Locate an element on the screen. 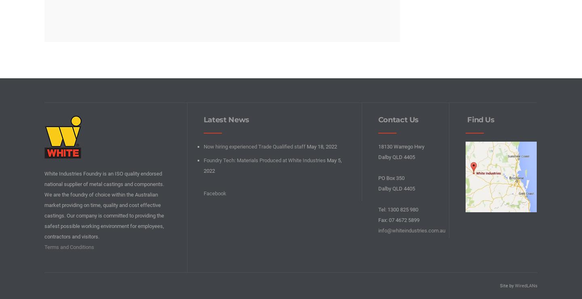 Image resolution: width=582 pixels, height=299 pixels. 'Find Us' is located at coordinates (479, 119).